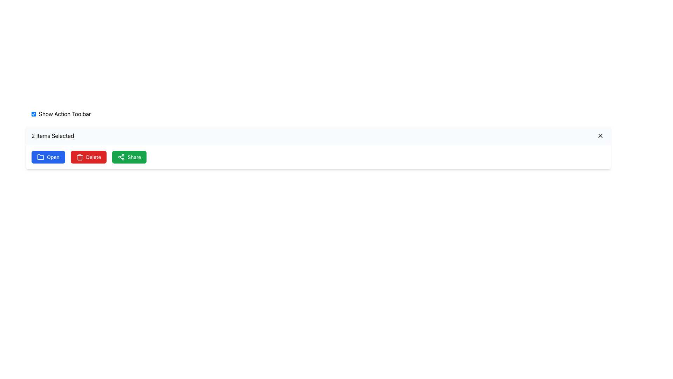  I want to click on the blue button labeled 'Open' with a white folder icon, so click(48, 157).